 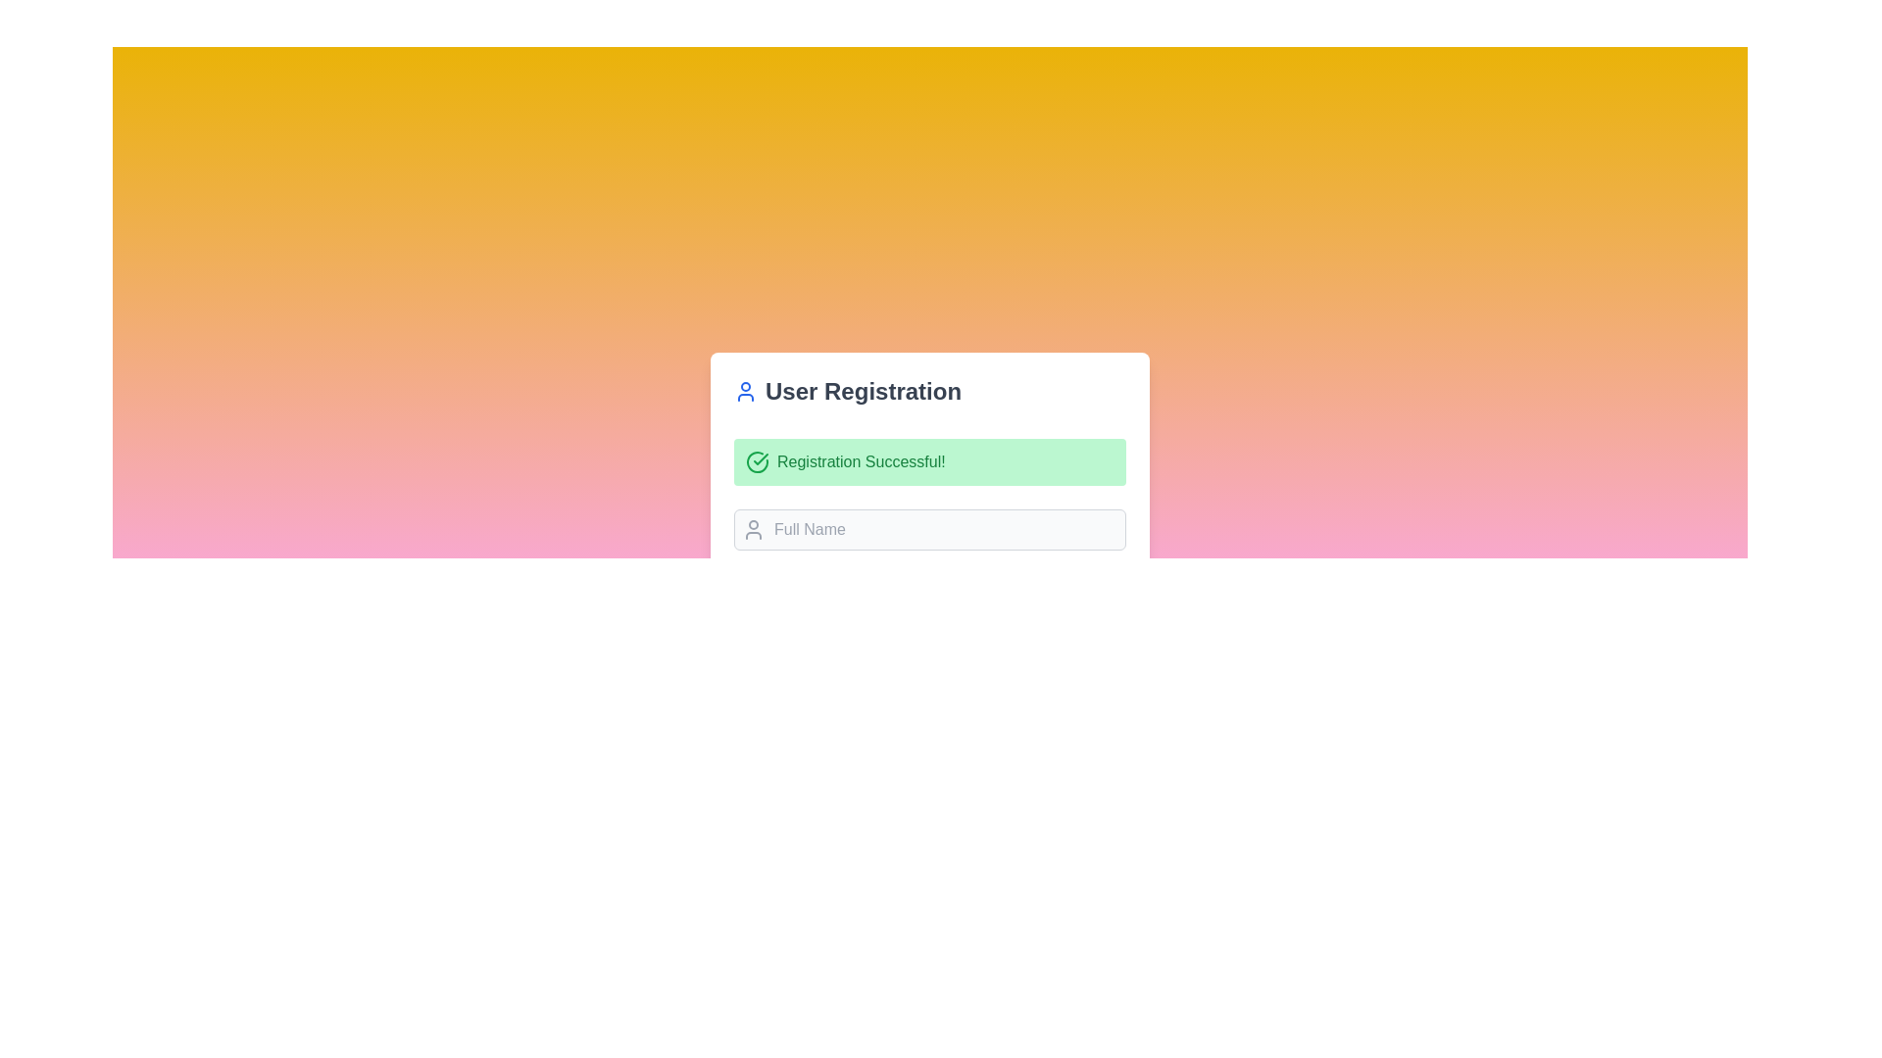 I want to click on the visual confirmation icon located on the left side of the 'Registration Successful!' notification bar, so click(x=756, y=461).